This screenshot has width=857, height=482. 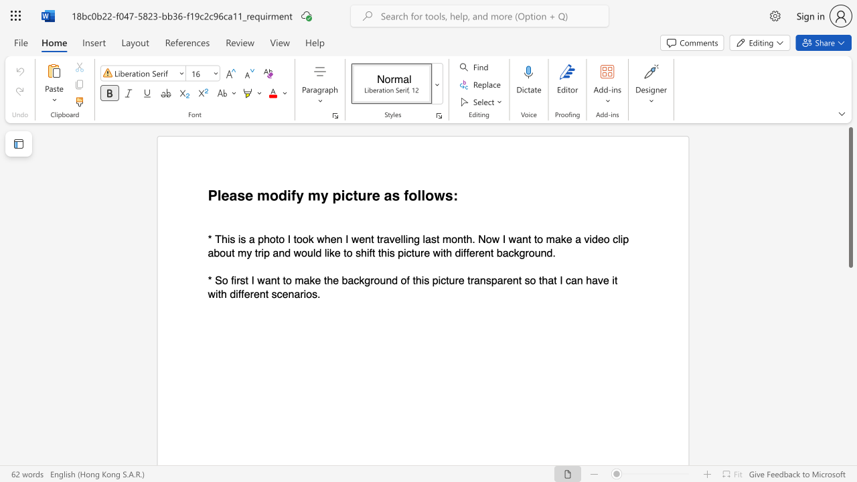 What do you see at coordinates (434, 195) in the screenshot?
I see `the subset text "ws:" within the text "Please modify my picture as follows:"` at bounding box center [434, 195].